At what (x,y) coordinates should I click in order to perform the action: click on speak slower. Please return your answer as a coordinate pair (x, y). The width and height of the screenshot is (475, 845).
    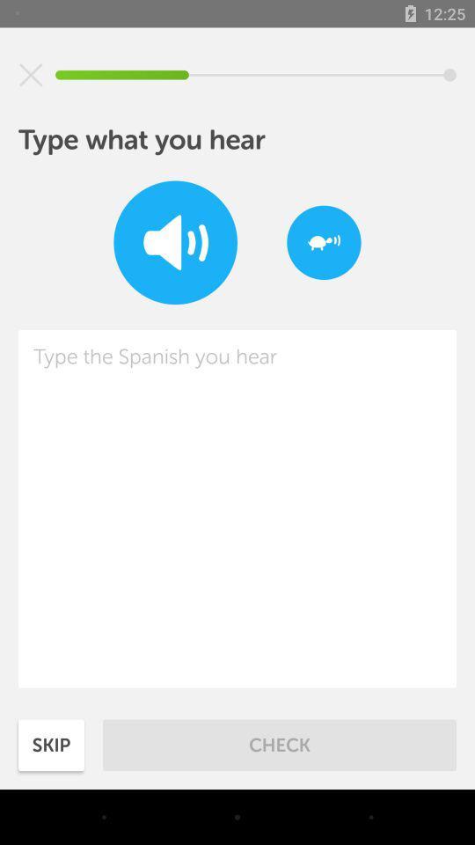
    Looking at the image, I should click on (323, 241).